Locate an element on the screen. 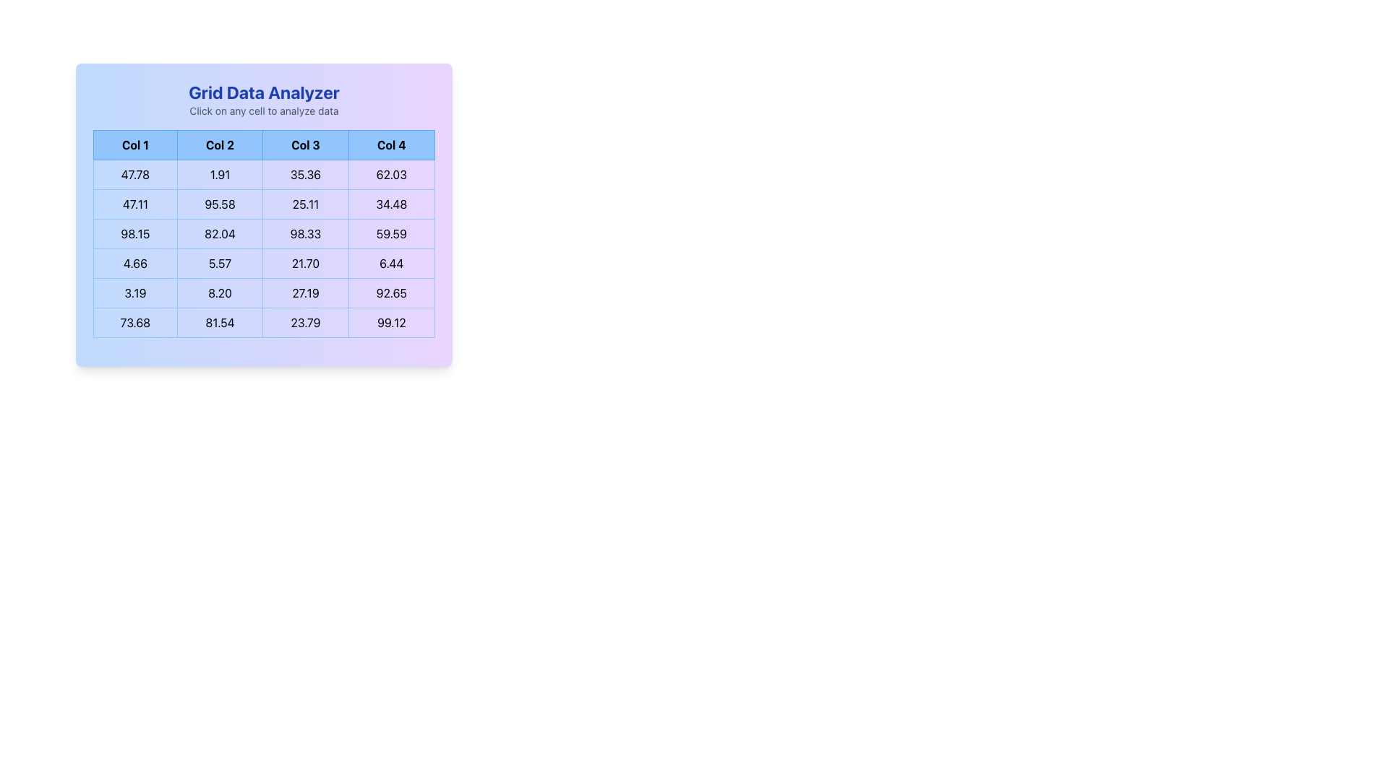 This screenshot has height=780, width=1388. the leftmost Text Display Cell in the bottom-left corner of the grid labeled 'Grid Data Analyzer' is located at coordinates (135, 322).